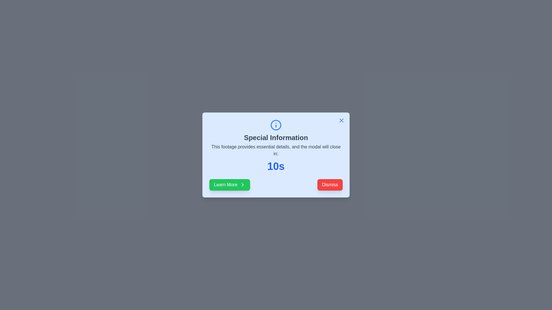 This screenshot has height=310, width=552. Describe the element at coordinates (330, 185) in the screenshot. I see `the dismiss button located at the bottom-right corner of the modal to change its background color` at that location.